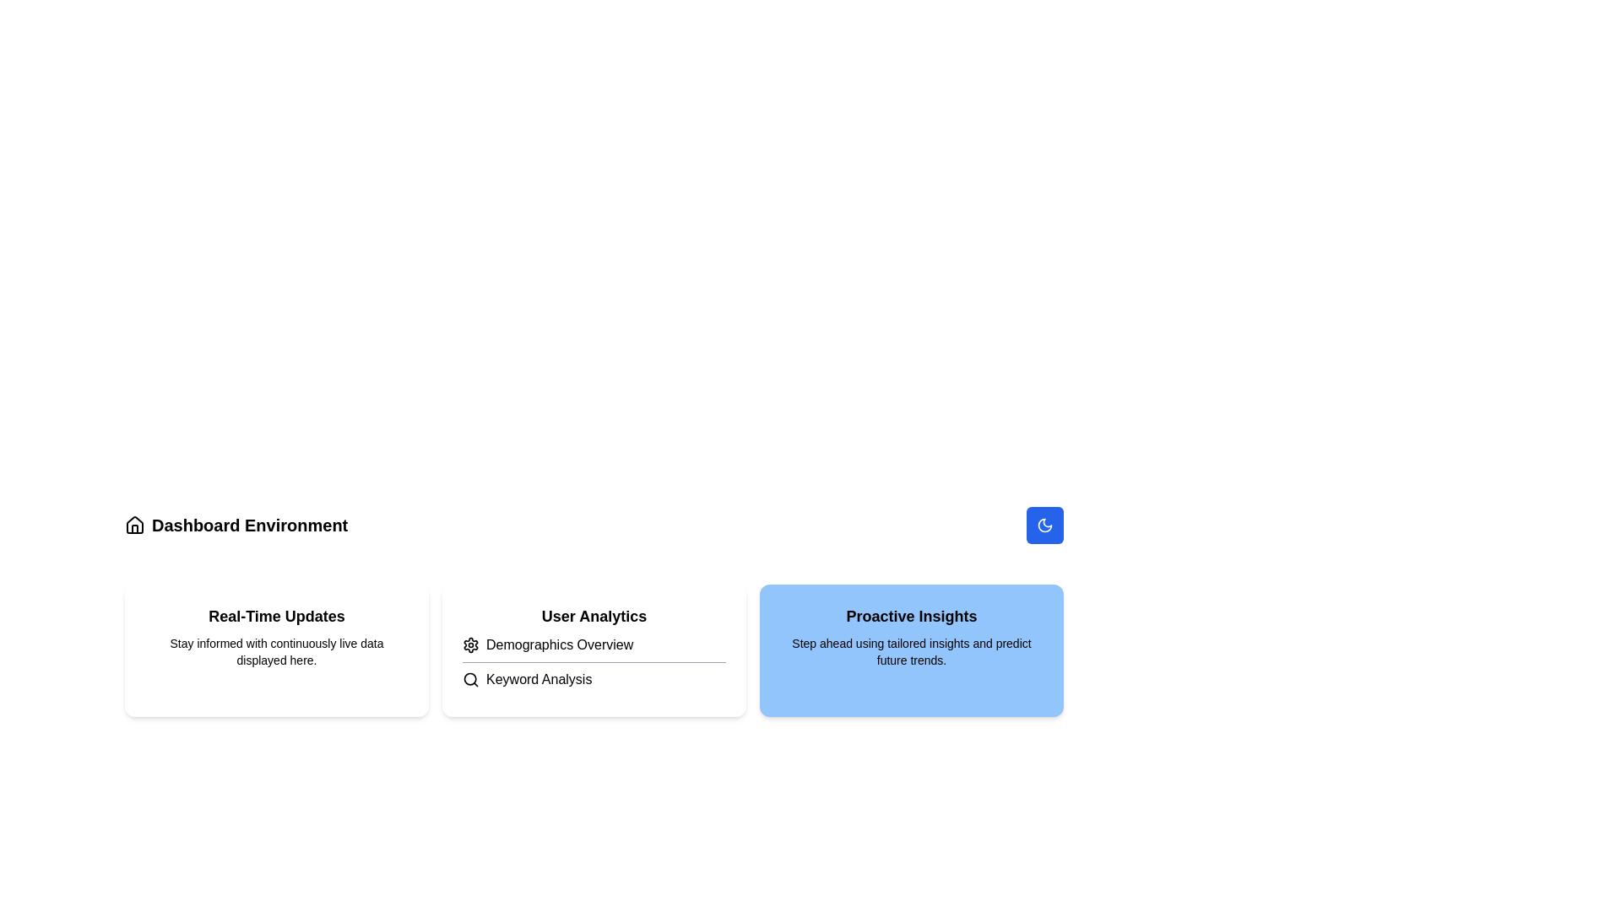 Image resolution: width=1621 pixels, height=911 pixels. Describe the element at coordinates (470, 644) in the screenshot. I see `the gear icon in the top-right section of the 'User Analytics' card` at that location.